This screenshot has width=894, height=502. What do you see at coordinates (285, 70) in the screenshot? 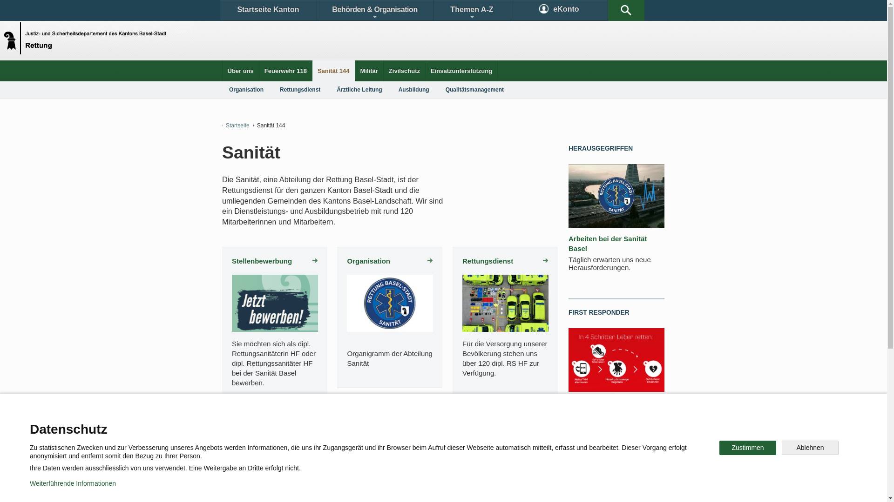
I see `'Feuerwehr 118'` at bounding box center [285, 70].